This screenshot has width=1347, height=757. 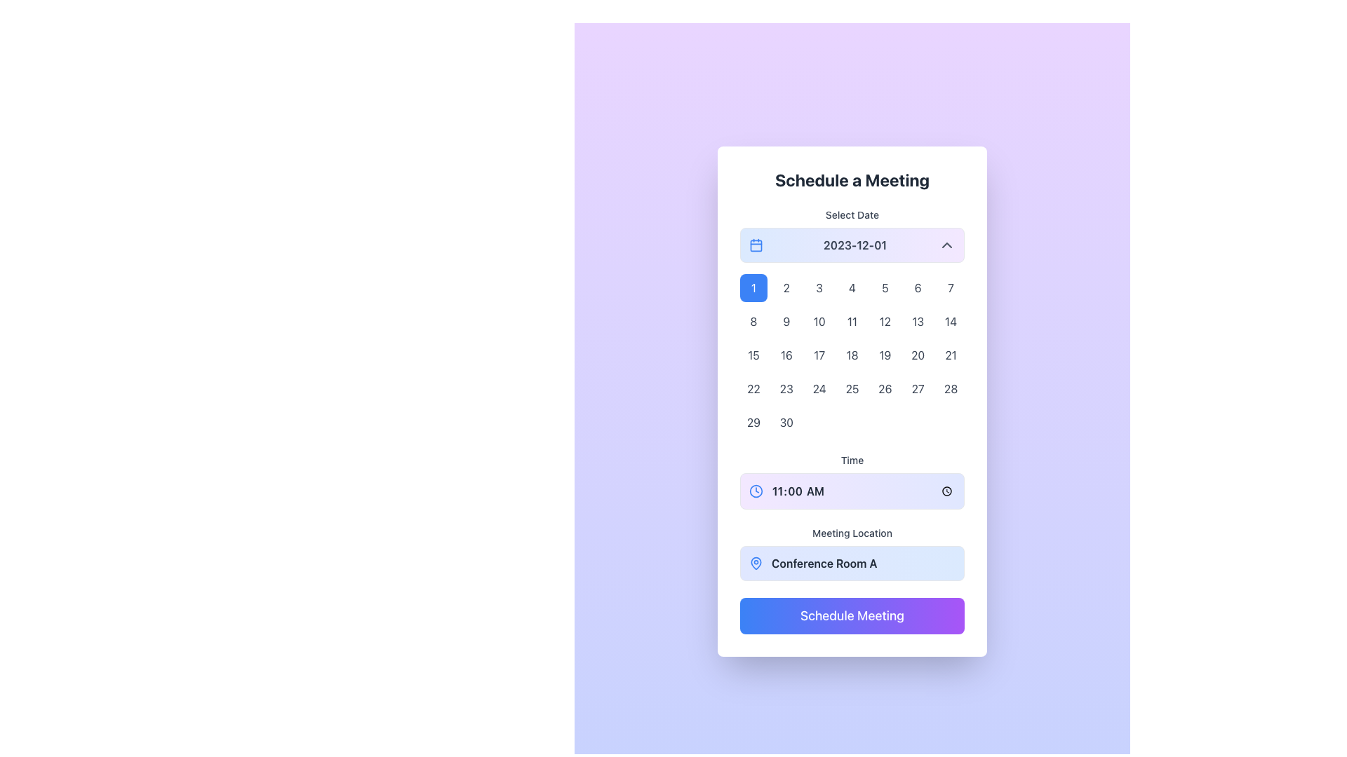 What do you see at coordinates (753, 354) in the screenshot?
I see `the button displaying the number '15' in the calendar section to interact with it` at bounding box center [753, 354].